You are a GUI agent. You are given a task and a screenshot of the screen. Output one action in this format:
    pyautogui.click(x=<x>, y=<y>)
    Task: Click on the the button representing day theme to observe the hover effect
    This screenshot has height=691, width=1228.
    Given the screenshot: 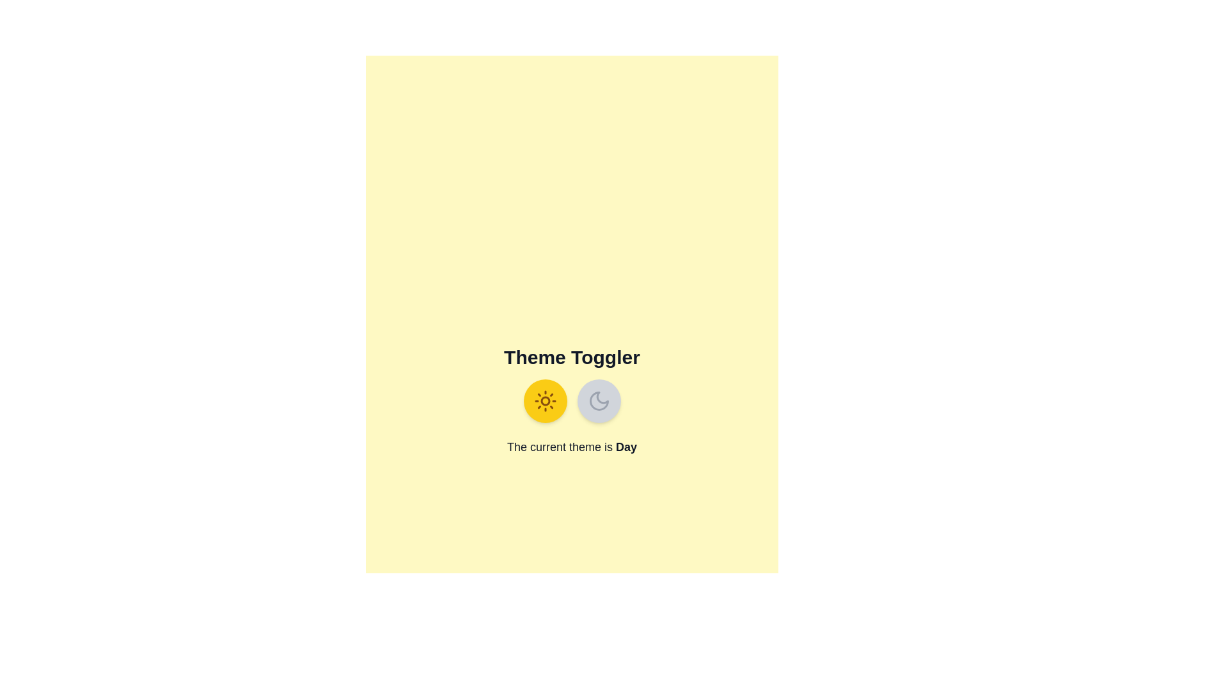 What is the action you would take?
    pyautogui.click(x=545, y=401)
    